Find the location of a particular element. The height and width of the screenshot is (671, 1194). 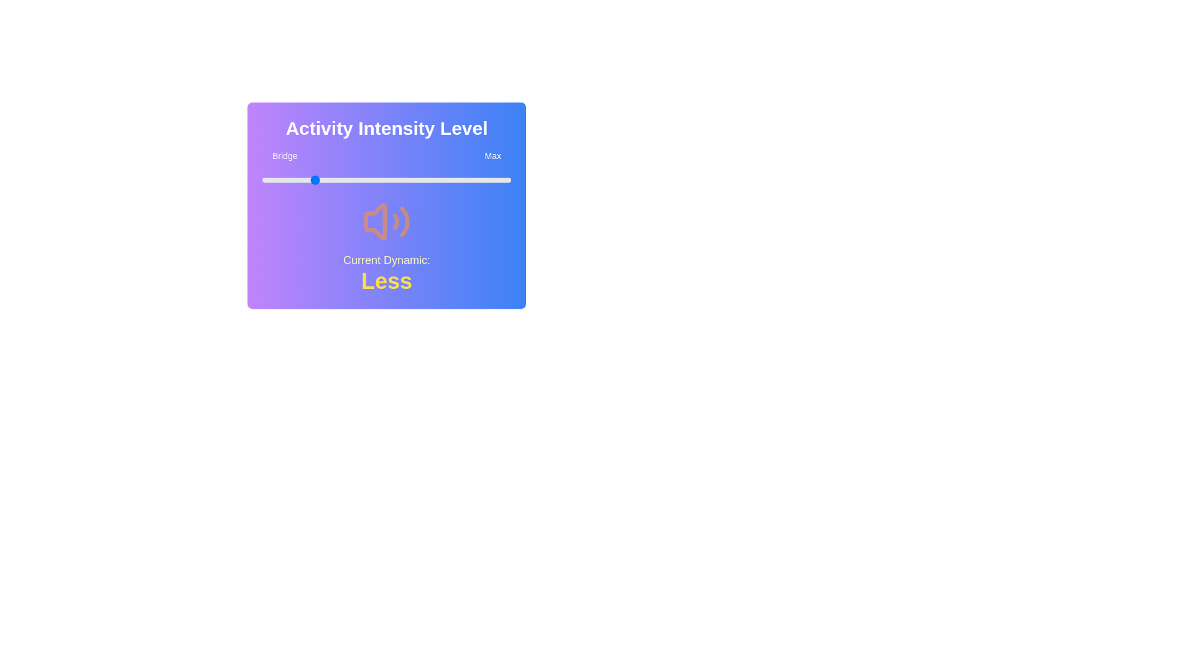

the slider to set the intensity level to 27% is located at coordinates (329, 180).